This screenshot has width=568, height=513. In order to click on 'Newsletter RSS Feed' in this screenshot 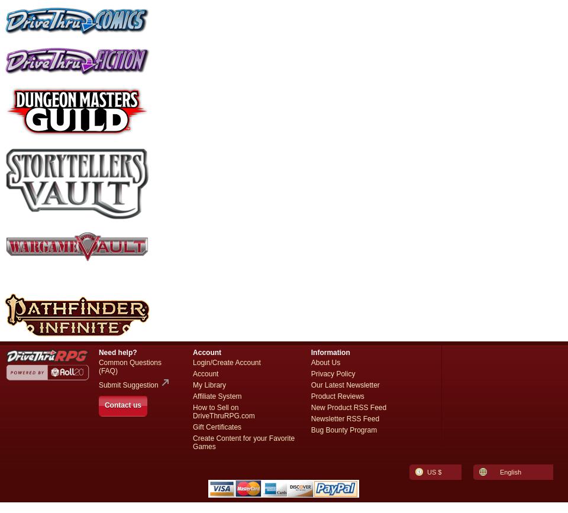, I will do `click(310, 418)`.